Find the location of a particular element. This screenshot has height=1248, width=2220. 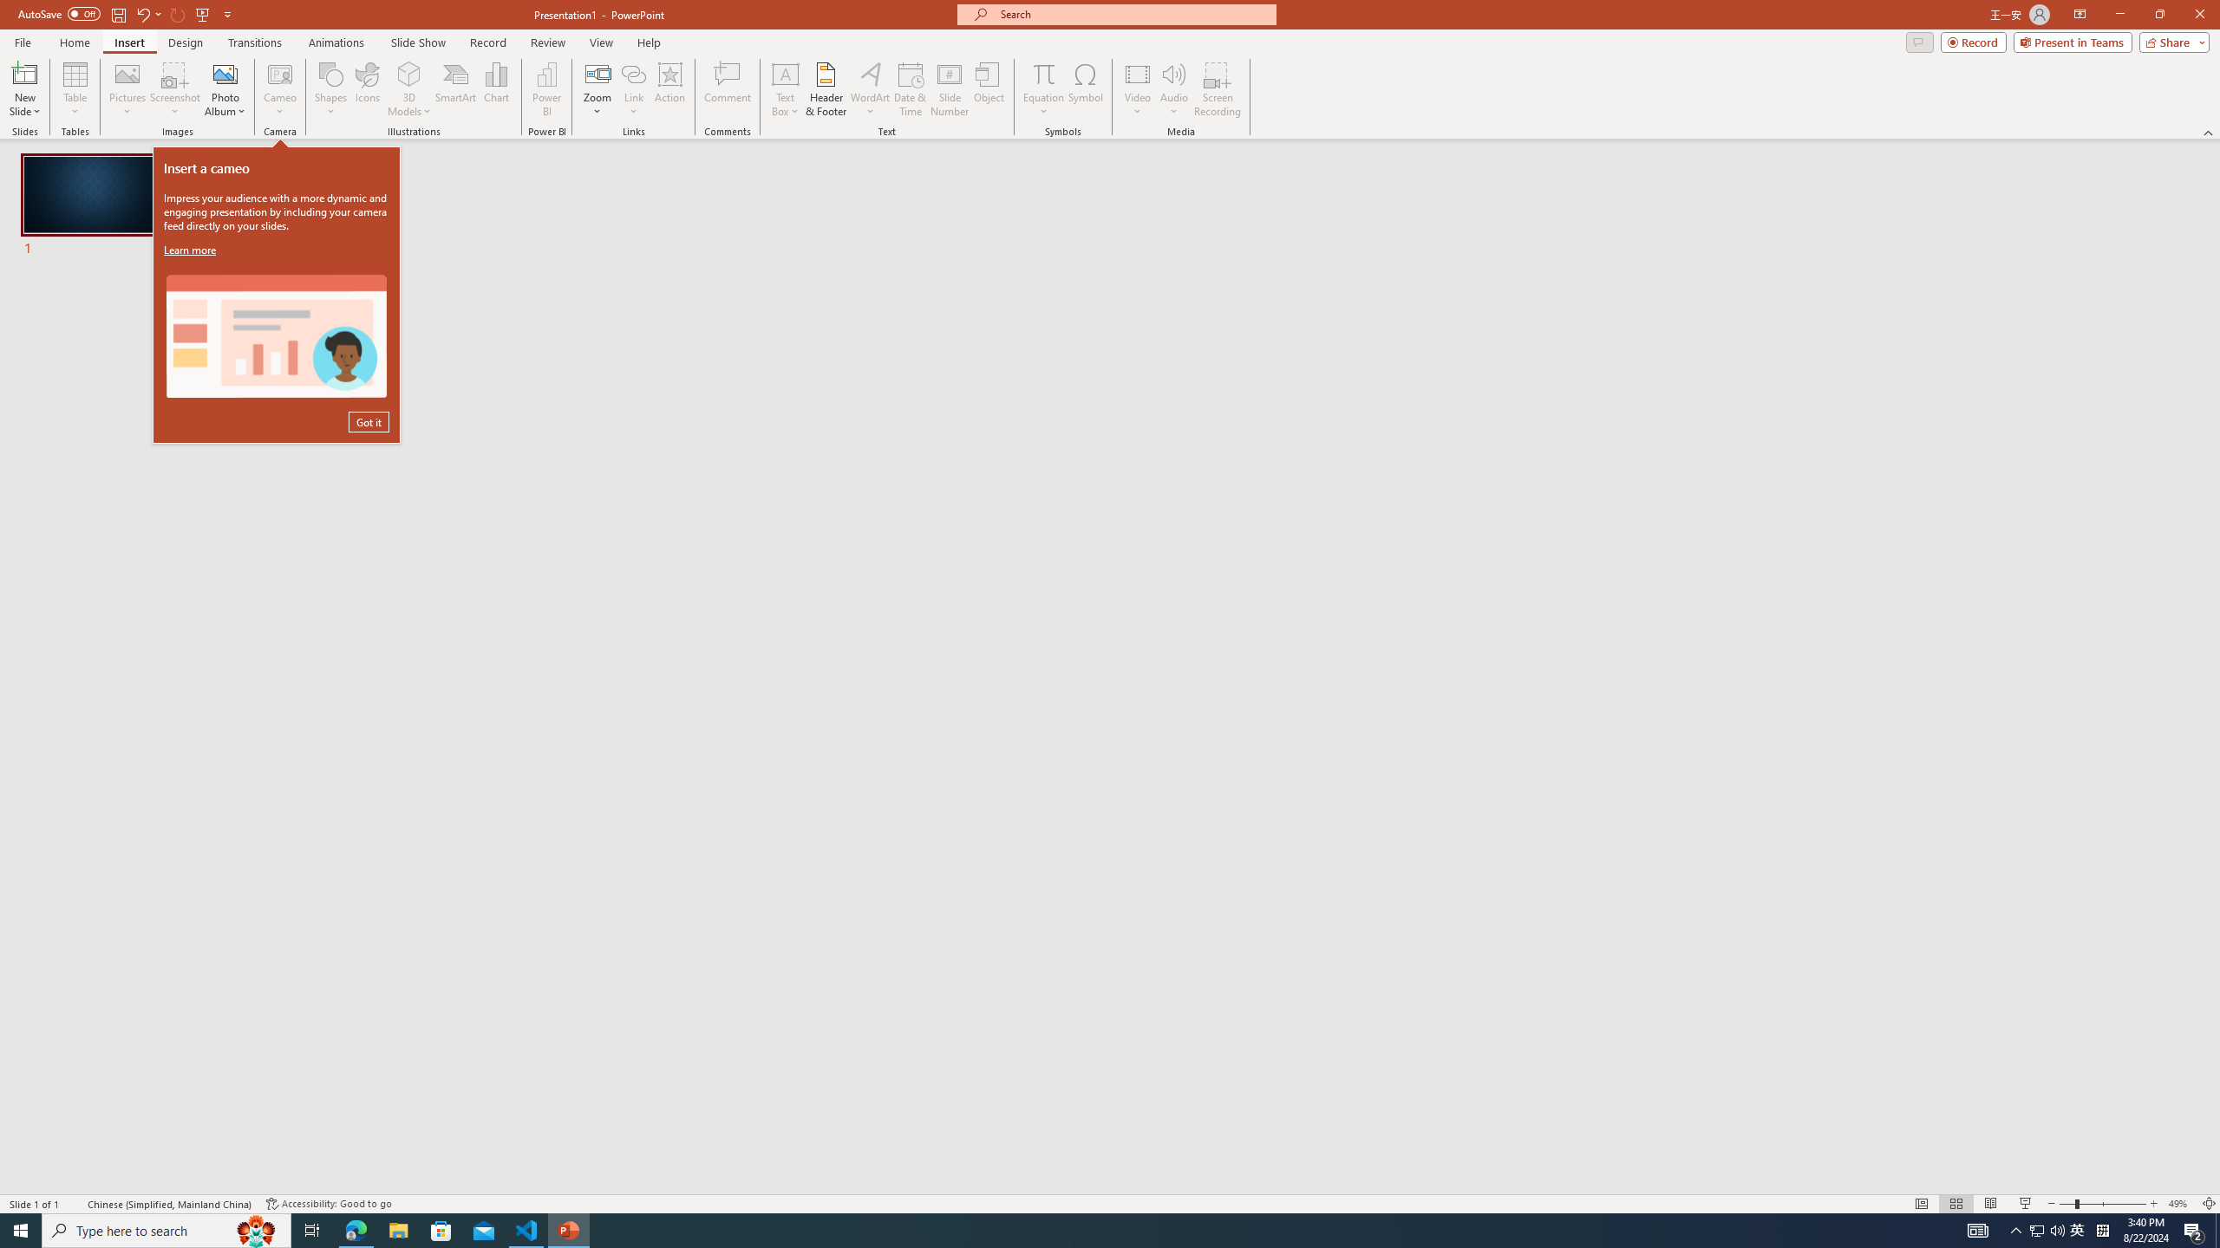

'Chart...' is located at coordinates (496, 89).